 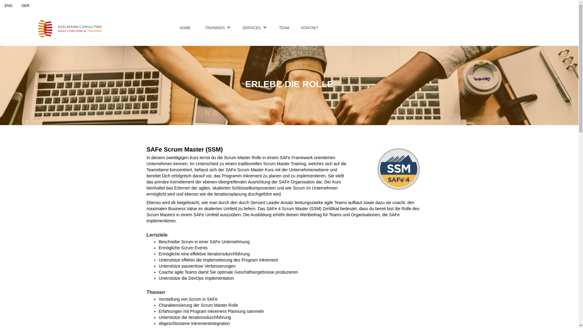 I want to click on 'GER', so click(x=25, y=6).